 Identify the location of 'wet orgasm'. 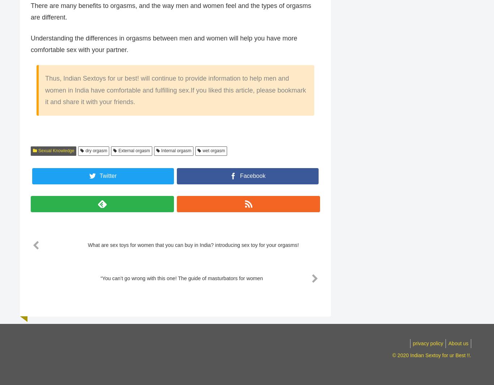
(213, 151).